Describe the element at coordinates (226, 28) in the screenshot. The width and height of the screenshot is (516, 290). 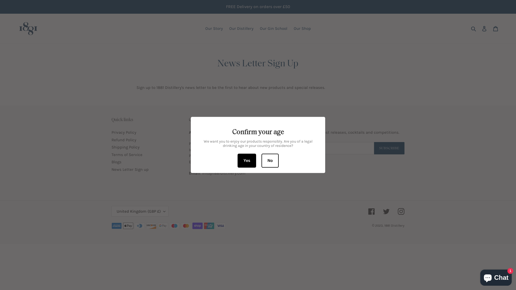
I see `'Our Distillery'` at that location.